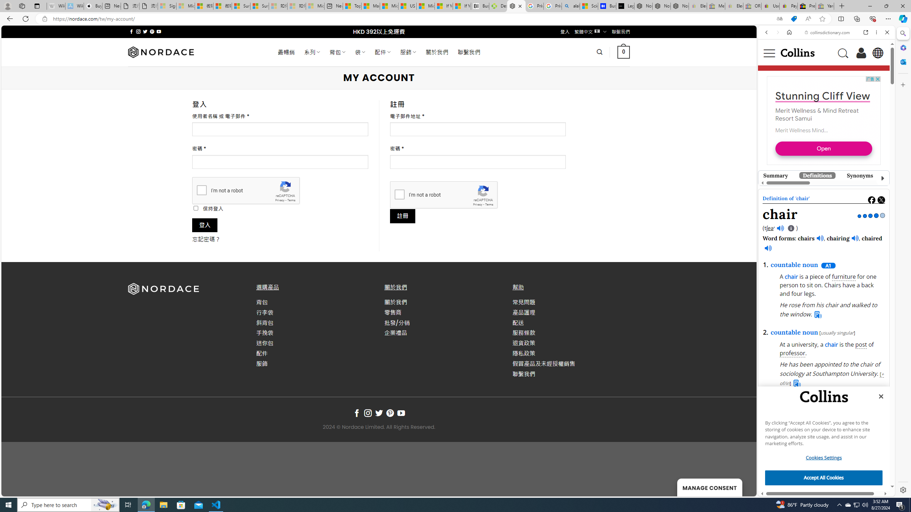 Image resolution: width=911 pixels, height=512 pixels. Describe the element at coordinates (623, 52) in the screenshot. I see `' 0 '` at that location.